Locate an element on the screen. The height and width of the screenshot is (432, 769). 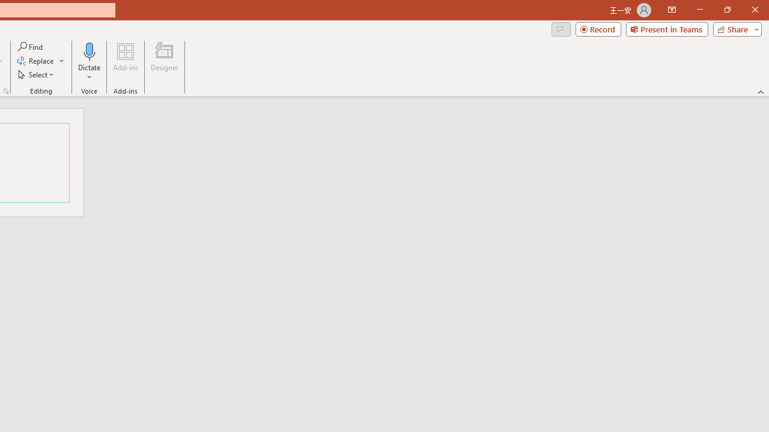
'Share' is located at coordinates (734, 28).